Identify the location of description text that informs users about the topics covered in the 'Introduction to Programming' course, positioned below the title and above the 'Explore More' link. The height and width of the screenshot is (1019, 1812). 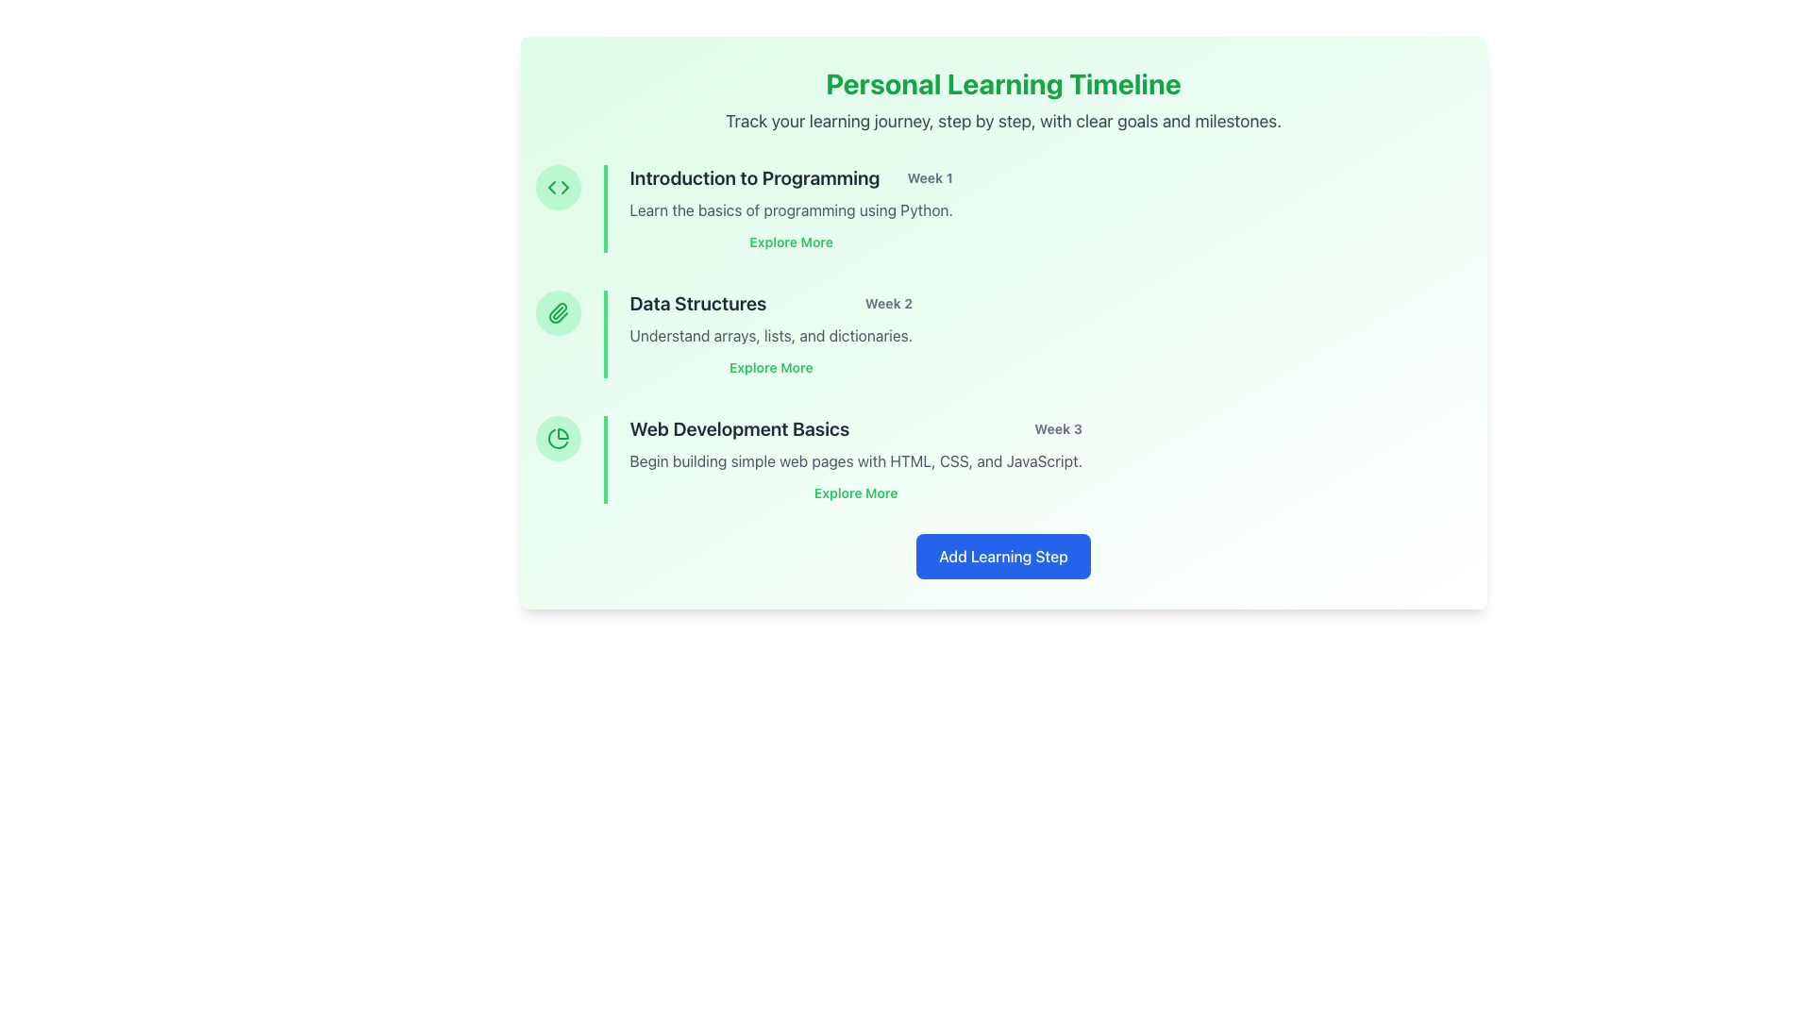
(791, 210).